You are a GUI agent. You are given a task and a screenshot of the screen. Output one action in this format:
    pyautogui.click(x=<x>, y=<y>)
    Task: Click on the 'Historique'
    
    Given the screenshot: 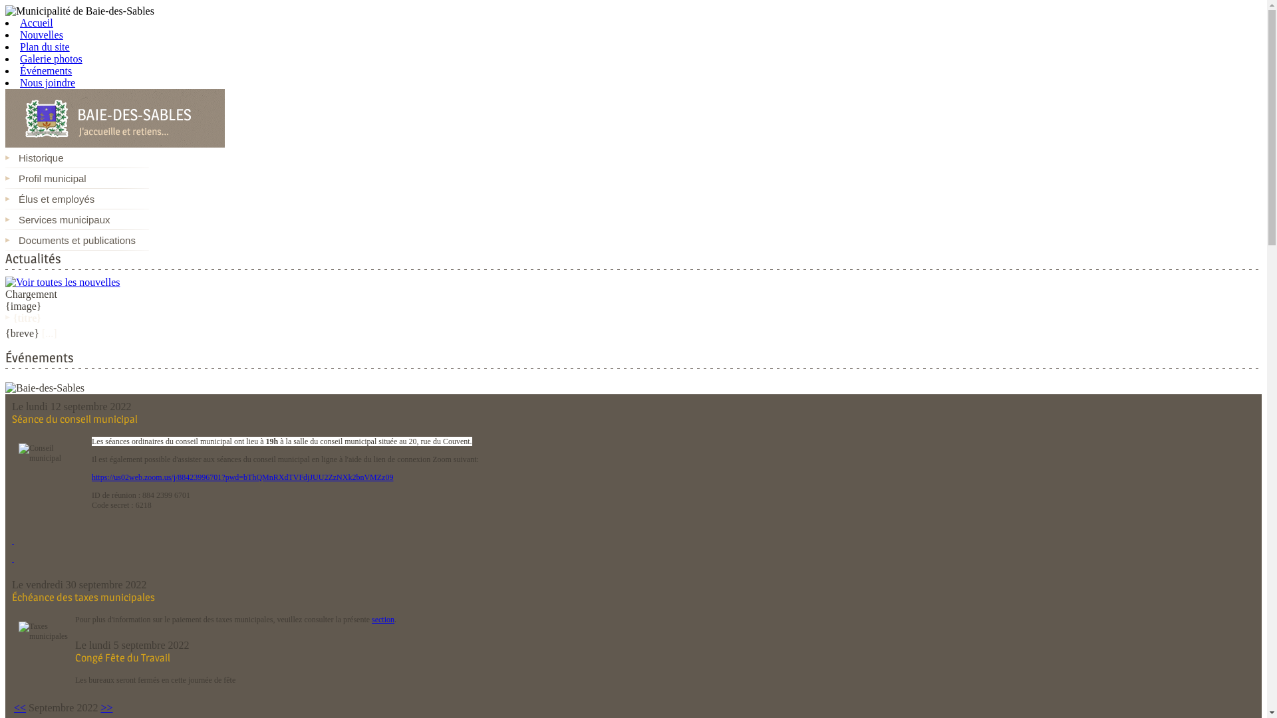 What is the action you would take?
    pyautogui.click(x=5, y=157)
    